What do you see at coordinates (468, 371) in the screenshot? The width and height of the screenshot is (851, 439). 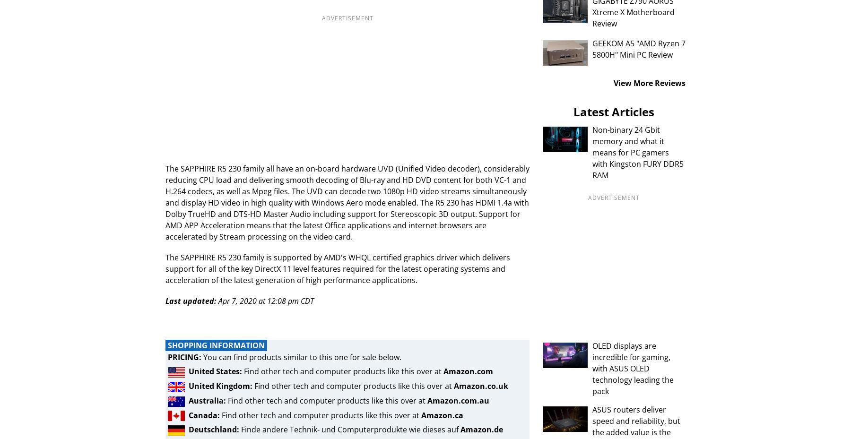 I see `'Amazon.com'` at bounding box center [468, 371].